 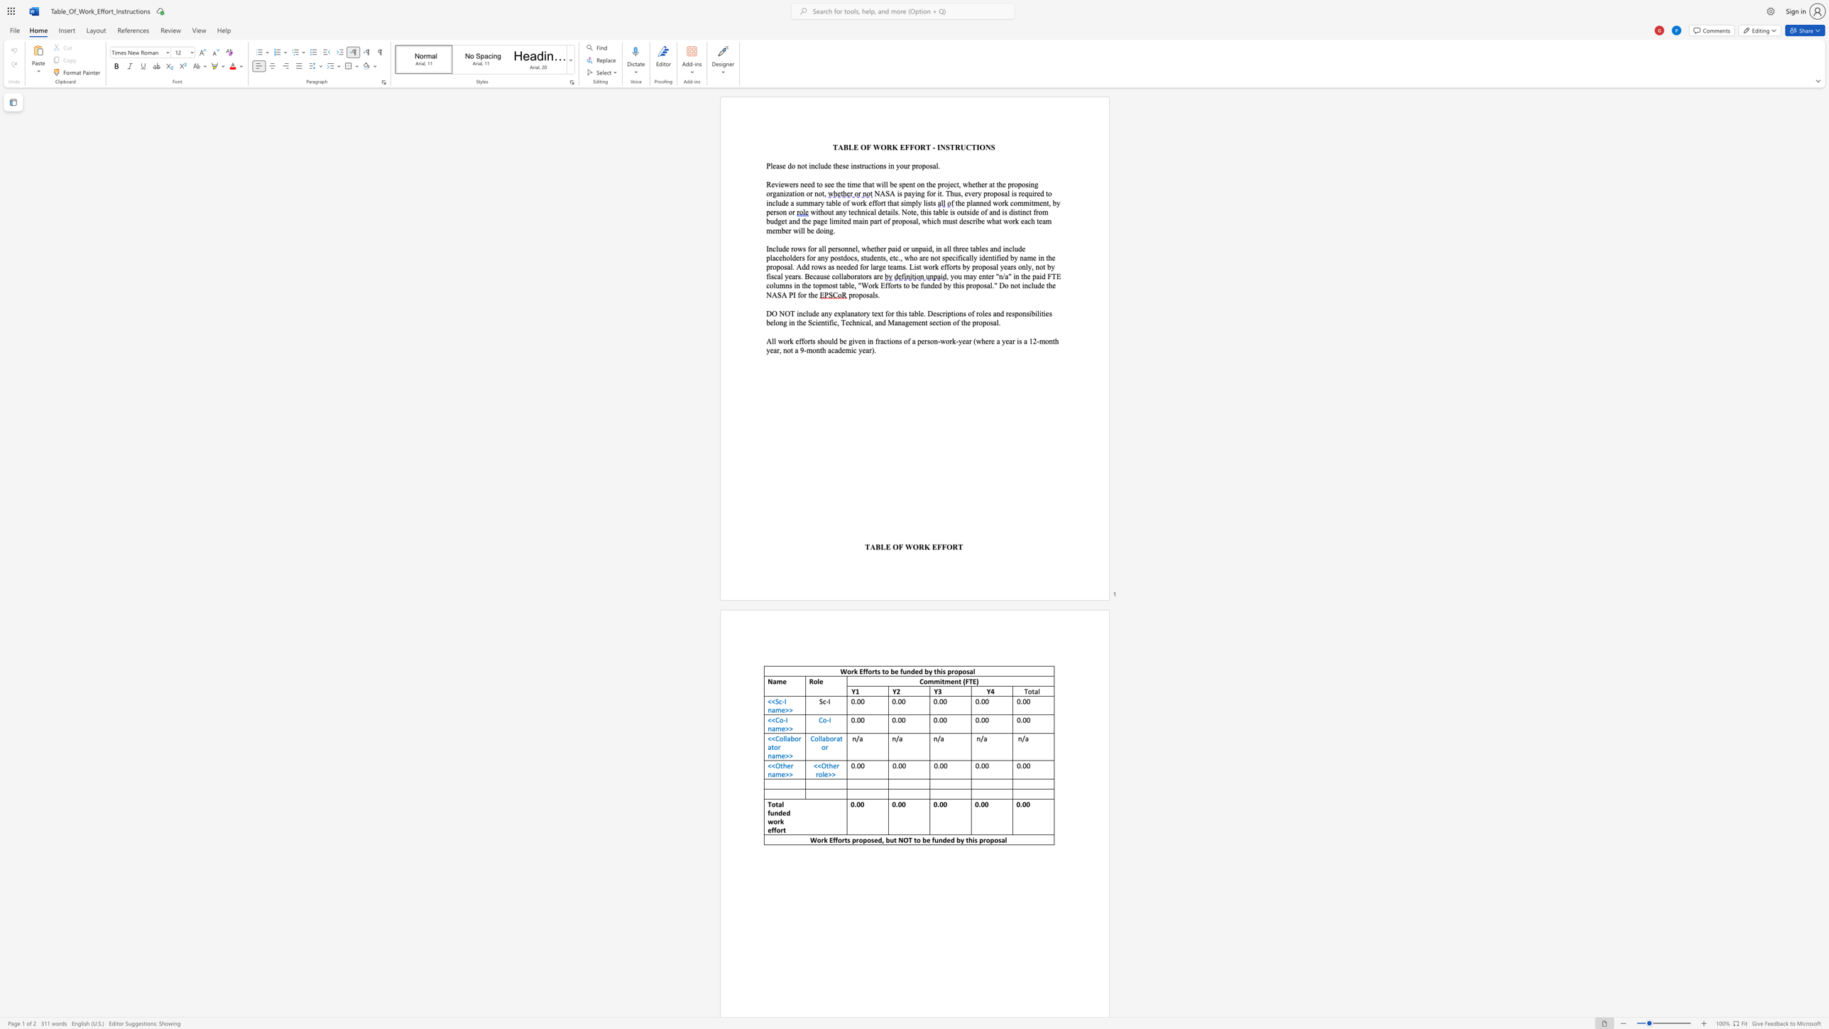 What do you see at coordinates (932, 312) in the screenshot?
I see `the space between the continuous character "D" and "e" in the text` at bounding box center [932, 312].